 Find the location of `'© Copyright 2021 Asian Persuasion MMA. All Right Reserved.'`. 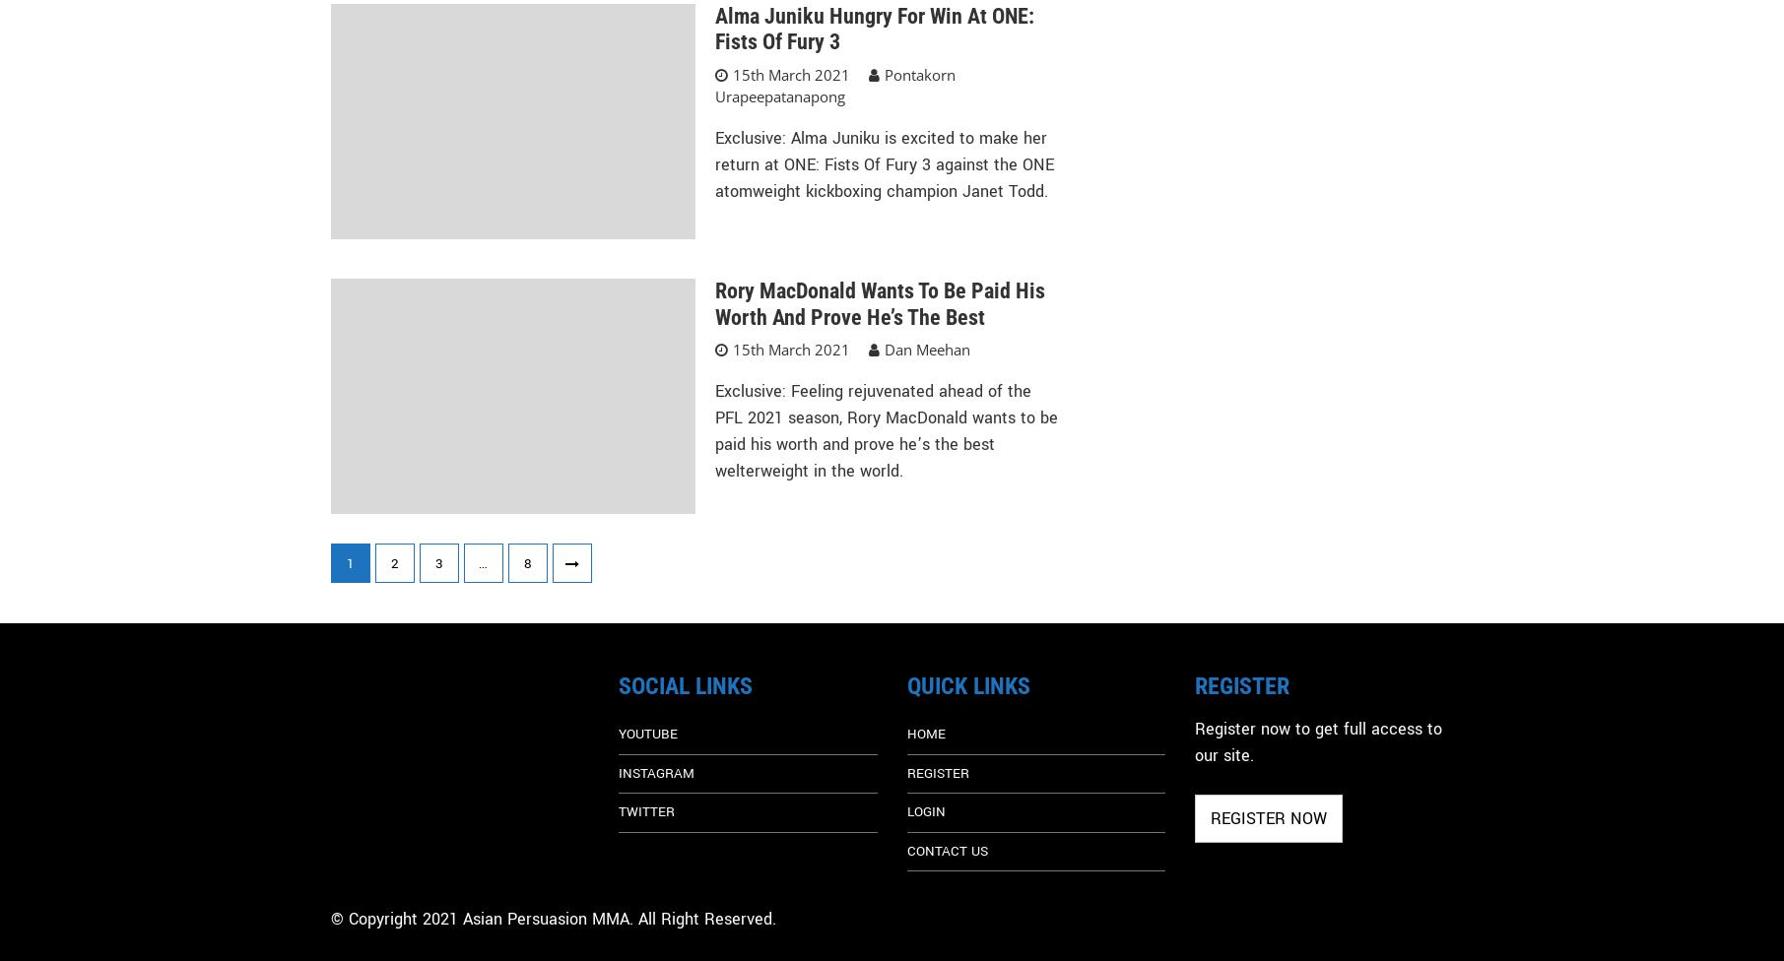

'© Copyright 2021 Asian Persuasion MMA. All Right Reserved.' is located at coordinates (552, 918).